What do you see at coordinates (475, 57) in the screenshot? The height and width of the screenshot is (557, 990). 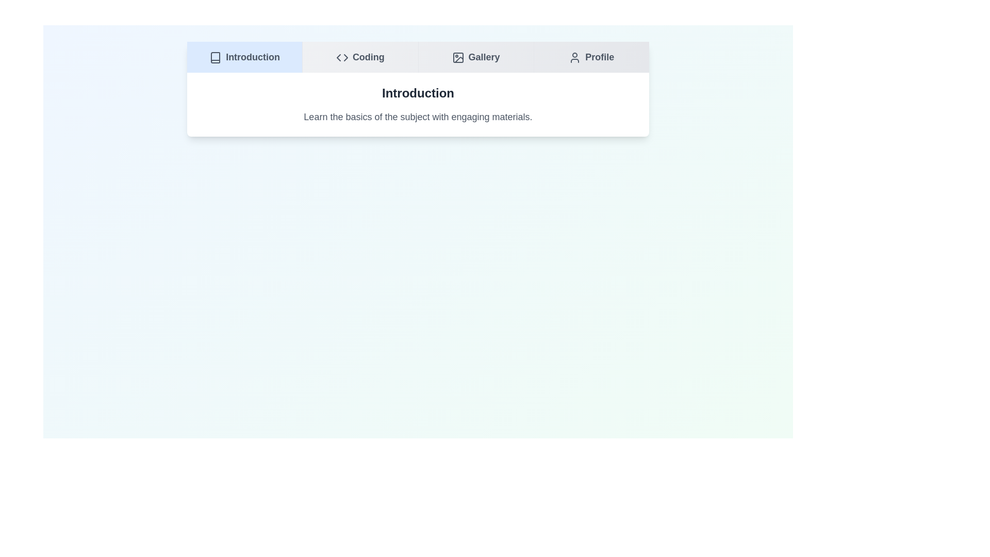 I see `the Gallery tab to navigate to it` at bounding box center [475, 57].